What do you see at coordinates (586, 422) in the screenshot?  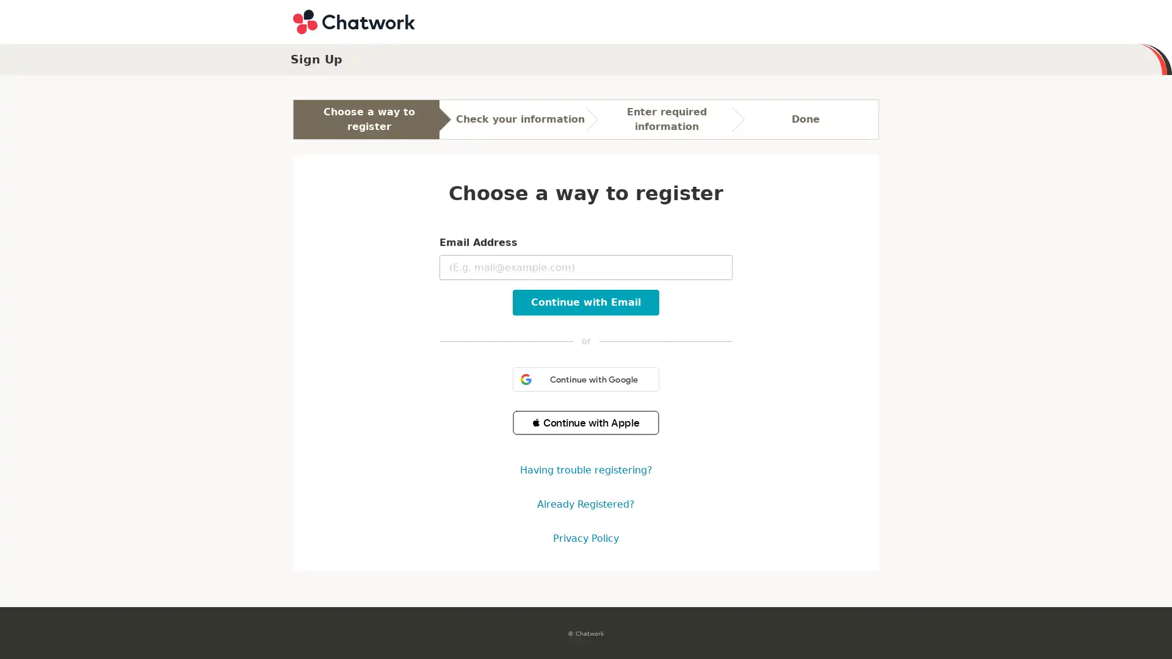 I see `Continue with Apple` at bounding box center [586, 422].